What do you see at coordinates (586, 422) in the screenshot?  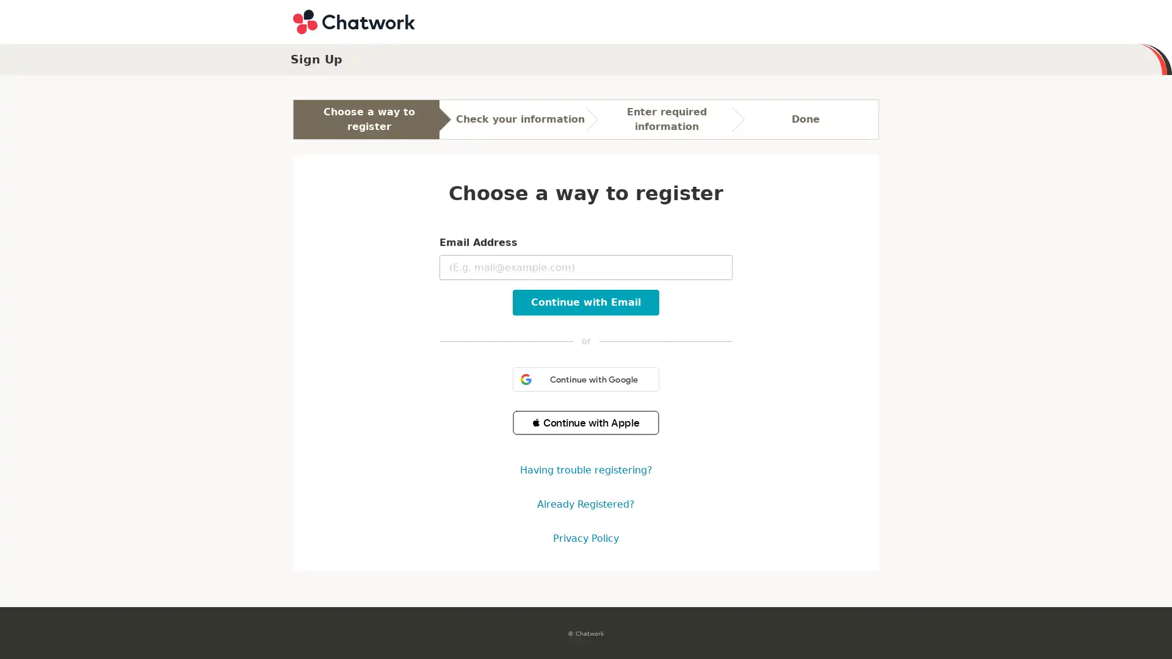 I see `Continue with Apple` at bounding box center [586, 422].